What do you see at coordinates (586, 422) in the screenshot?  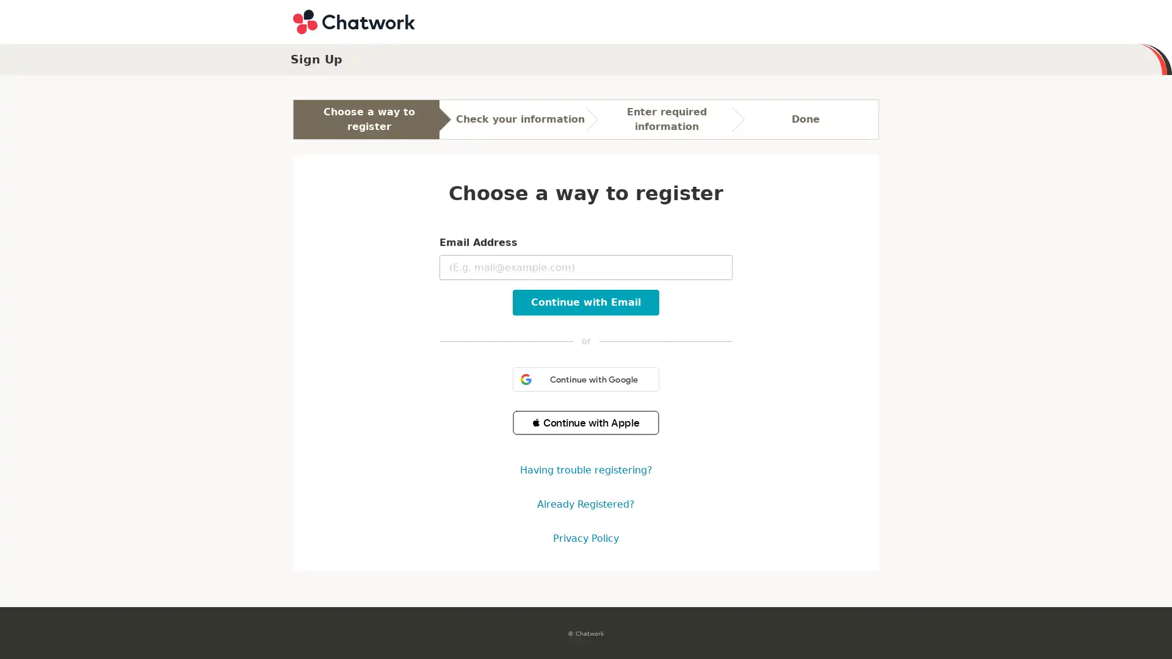 I see `Continue with Apple` at bounding box center [586, 422].